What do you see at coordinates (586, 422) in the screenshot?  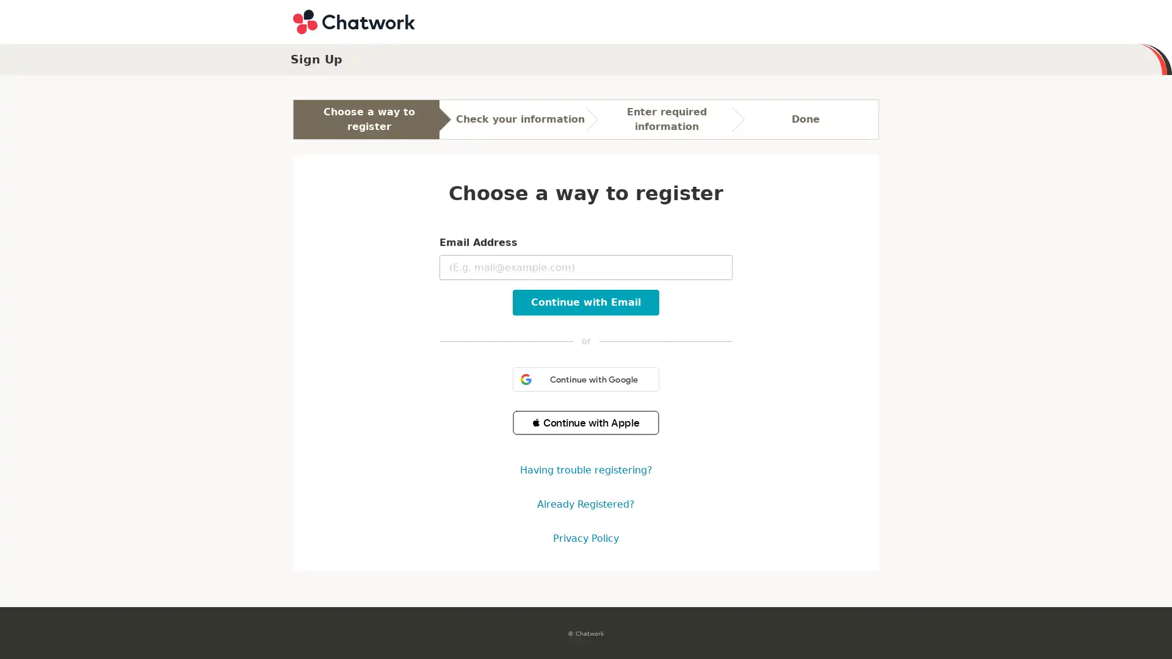 I see `Continue with Apple` at bounding box center [586, 422].